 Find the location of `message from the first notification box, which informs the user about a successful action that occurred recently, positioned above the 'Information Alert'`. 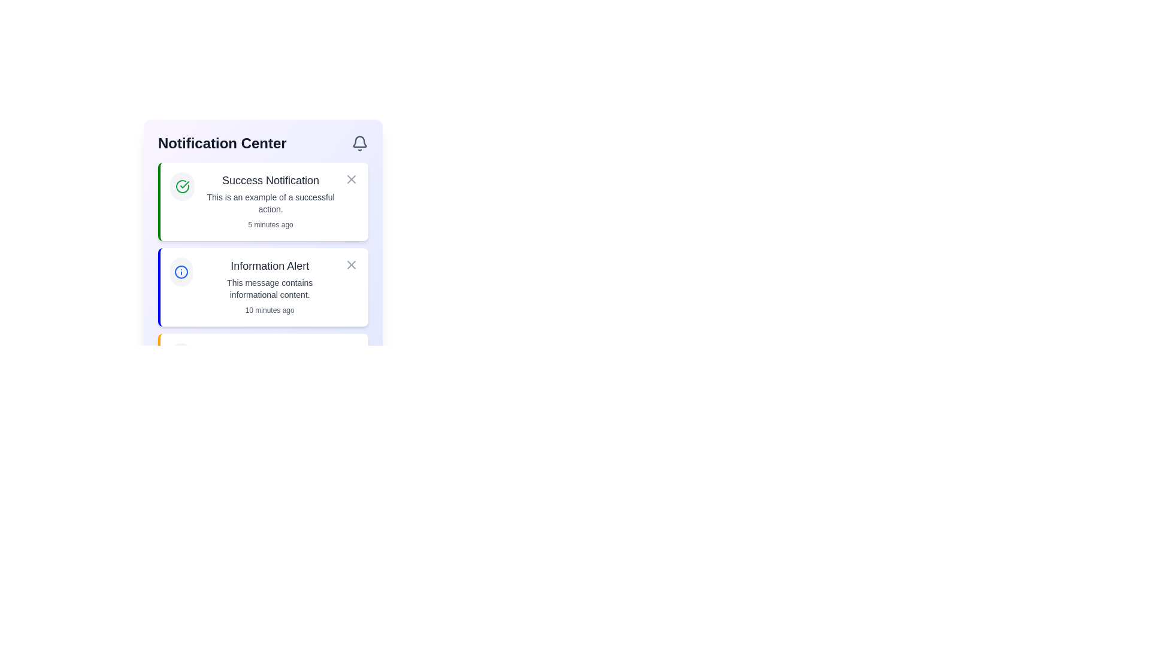

message from the first notification box, which informs the user about a successful action that occurred recently, positioned above the 'Information Alert' is located at coordinates (262, 201).